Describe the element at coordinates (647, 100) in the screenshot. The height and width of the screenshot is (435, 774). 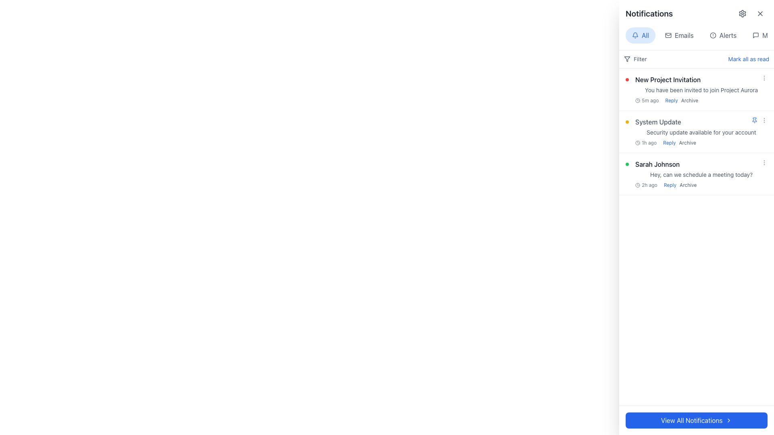
I see `the text indicator showing how long ago a notification was received, located next to the left margin of the 'New Project Invitation' notification entry` at that location.